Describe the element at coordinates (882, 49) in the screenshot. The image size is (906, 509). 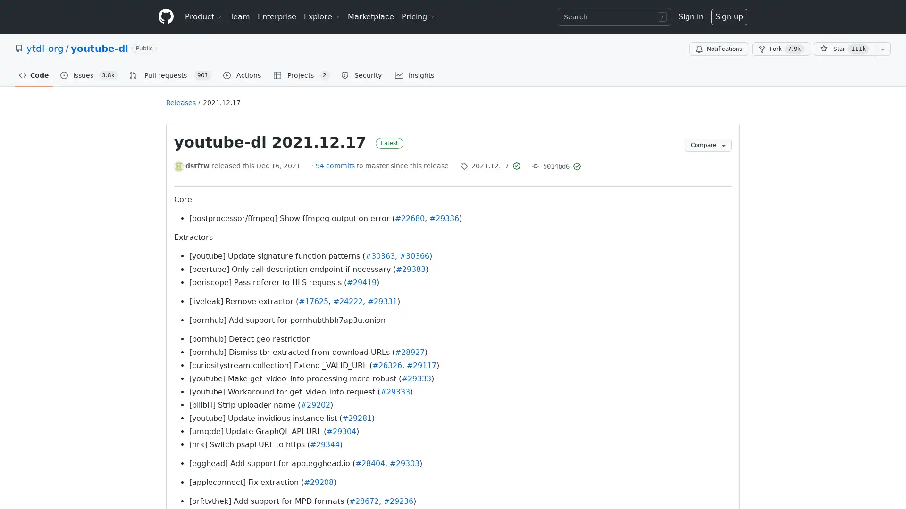
I see `You must be signed in to add this repository to a list` at that location.